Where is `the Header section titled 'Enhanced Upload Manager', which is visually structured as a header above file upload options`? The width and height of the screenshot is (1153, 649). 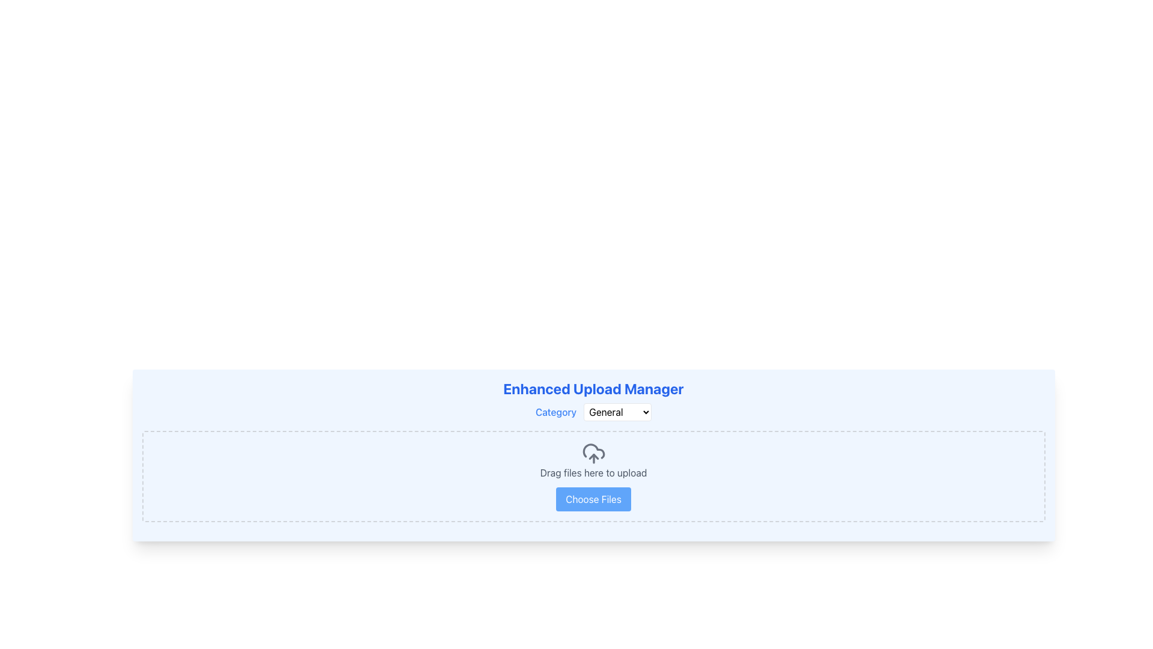 the Header section titled 'Enhanced Upload Manager', which is visually structured as a header above file upload options is located at coordinates (593, 400).